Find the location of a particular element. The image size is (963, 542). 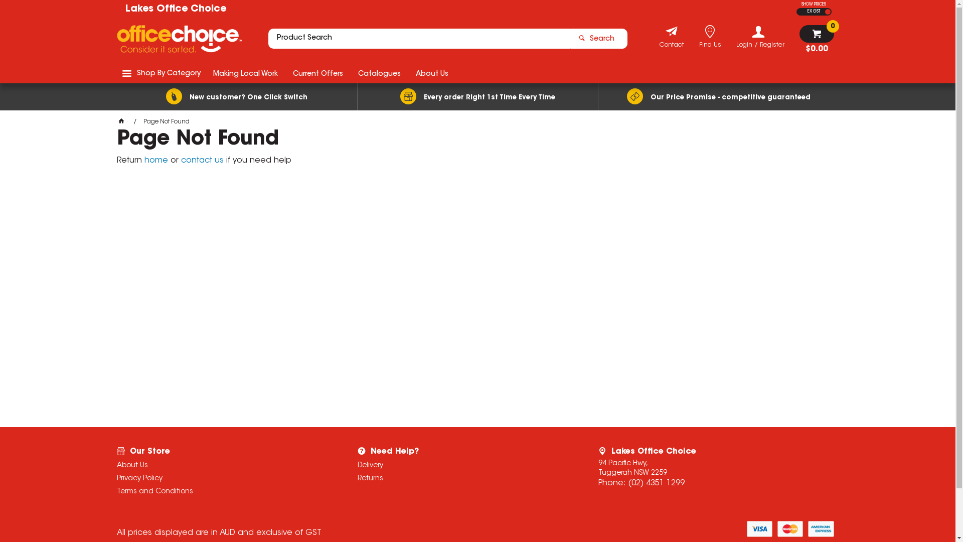

'Search' is located at coordinates (598, 38).